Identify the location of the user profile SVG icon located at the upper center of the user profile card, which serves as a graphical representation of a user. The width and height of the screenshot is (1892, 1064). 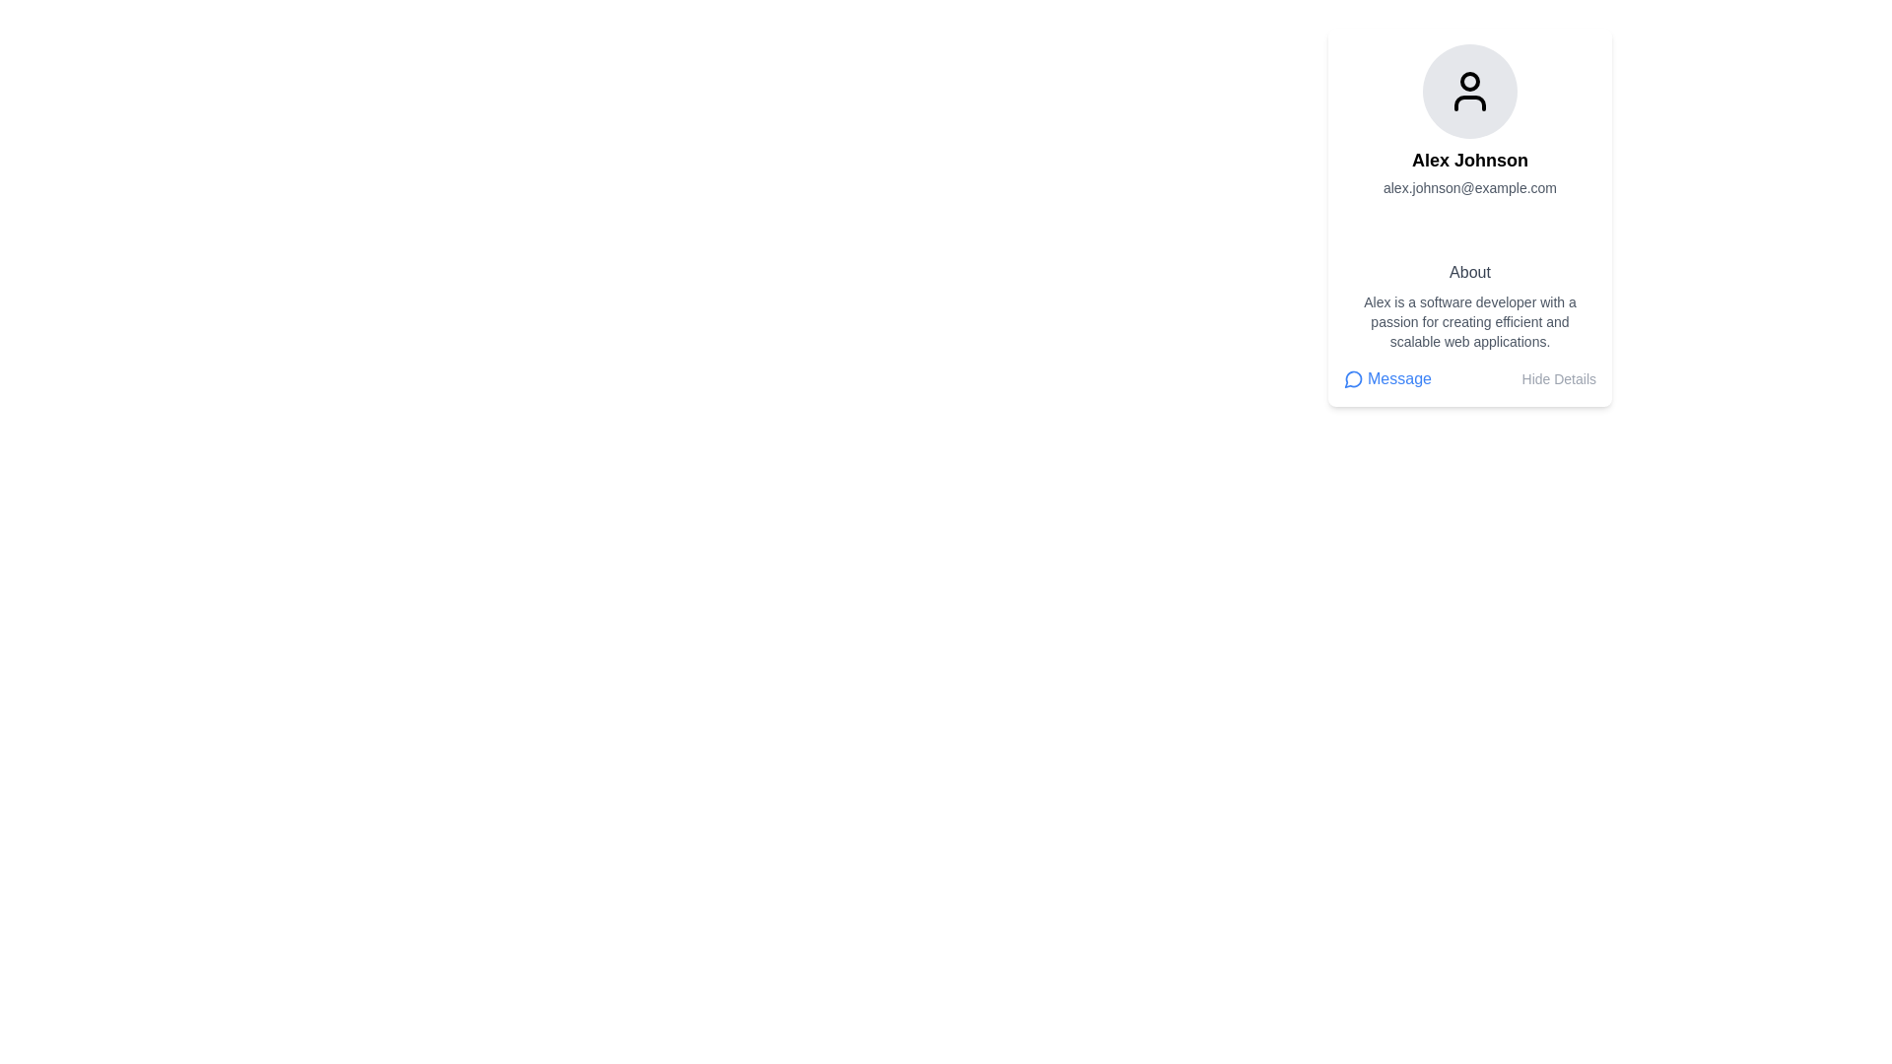
(1470, 91).